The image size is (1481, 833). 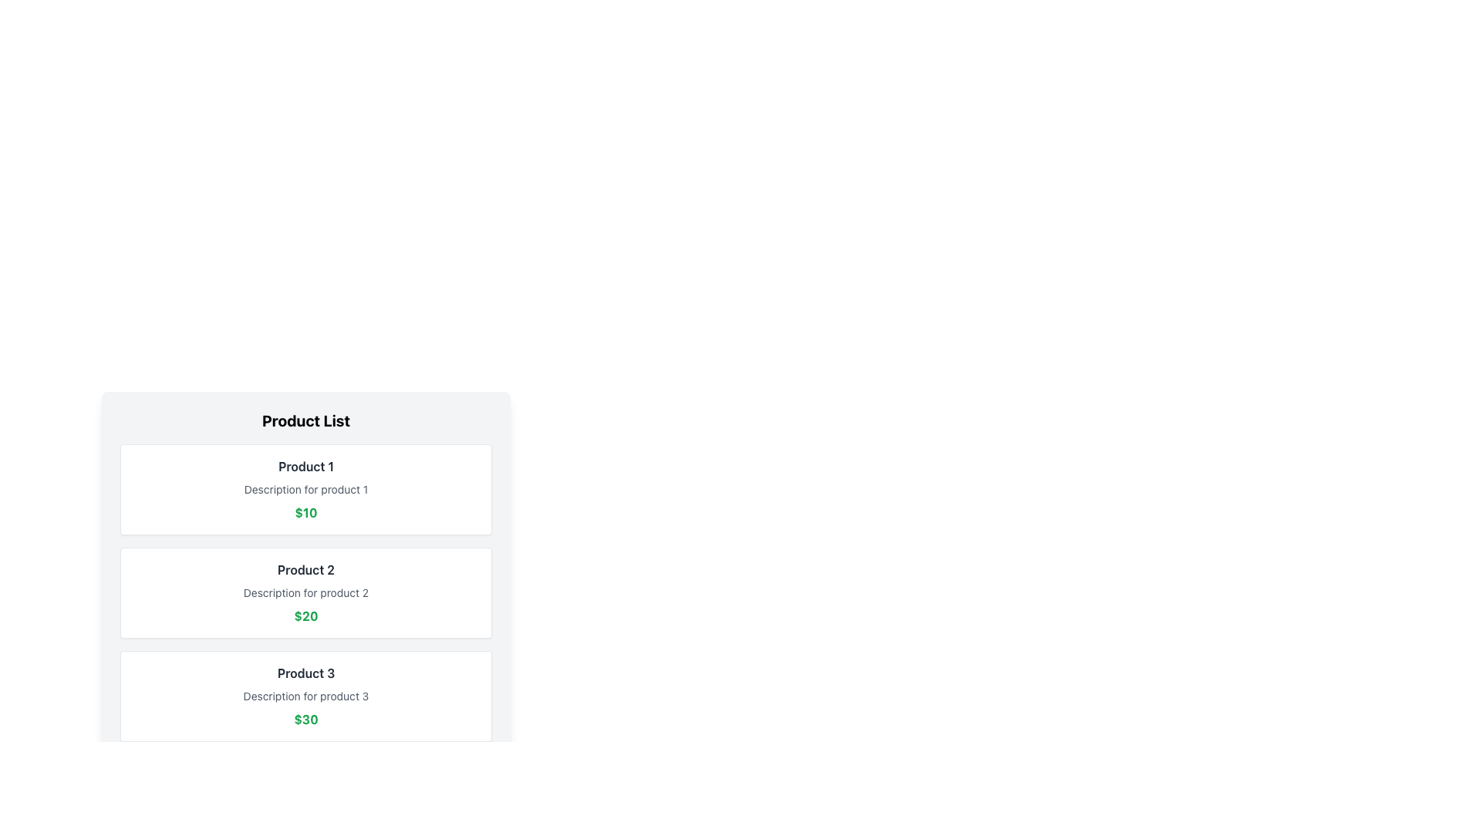 I want to click on the label with the text 'Product 1', which is styled in bold dark gray and located at the top of the first product card in a vertical list, so click(x=306, y=466).